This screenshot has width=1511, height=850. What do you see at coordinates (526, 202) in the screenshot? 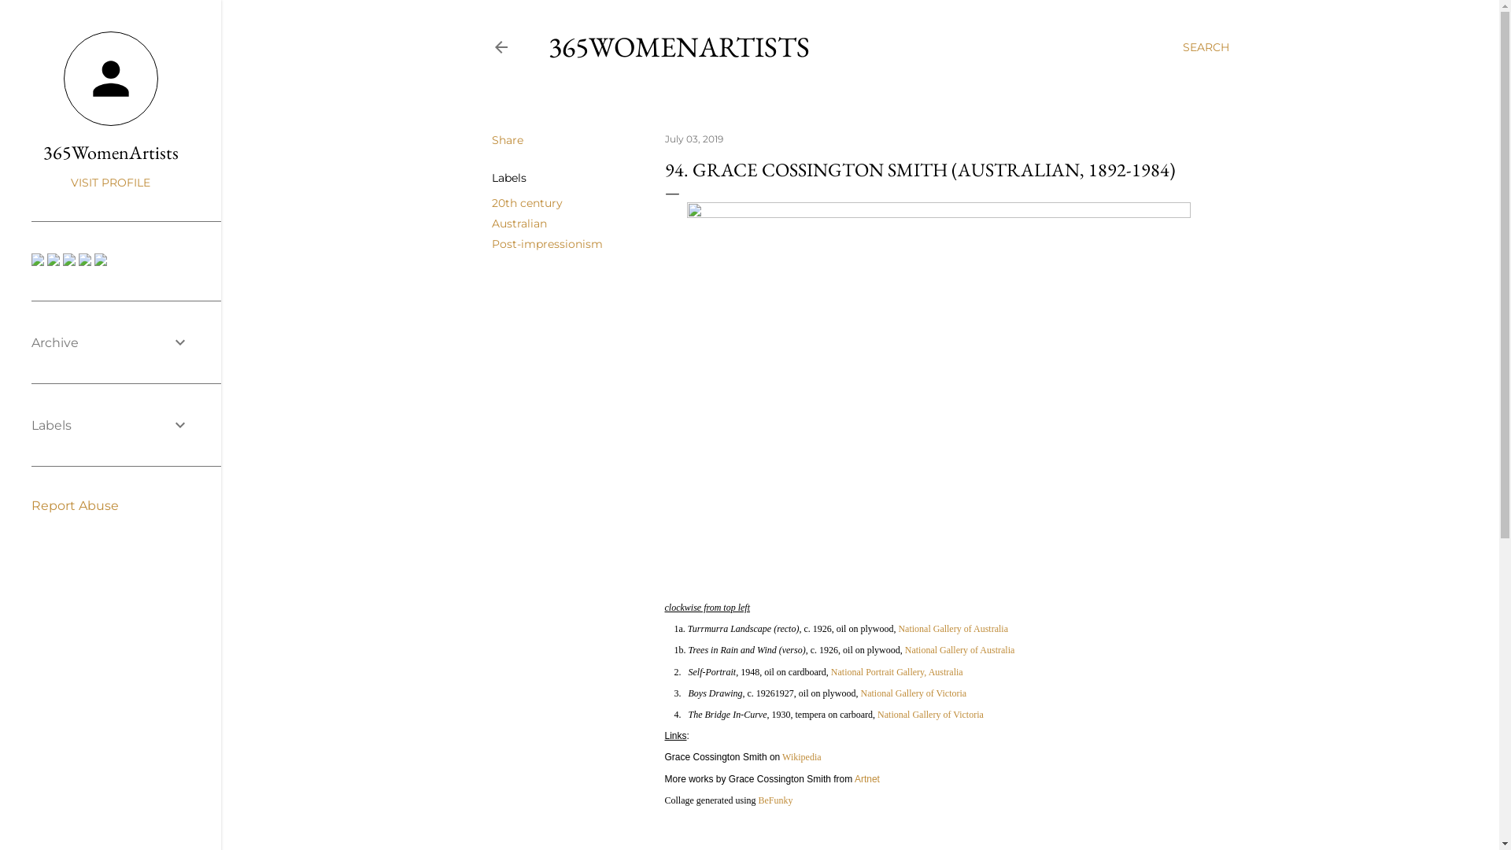
I see `'20th century'` at bounding box center [526, 202].